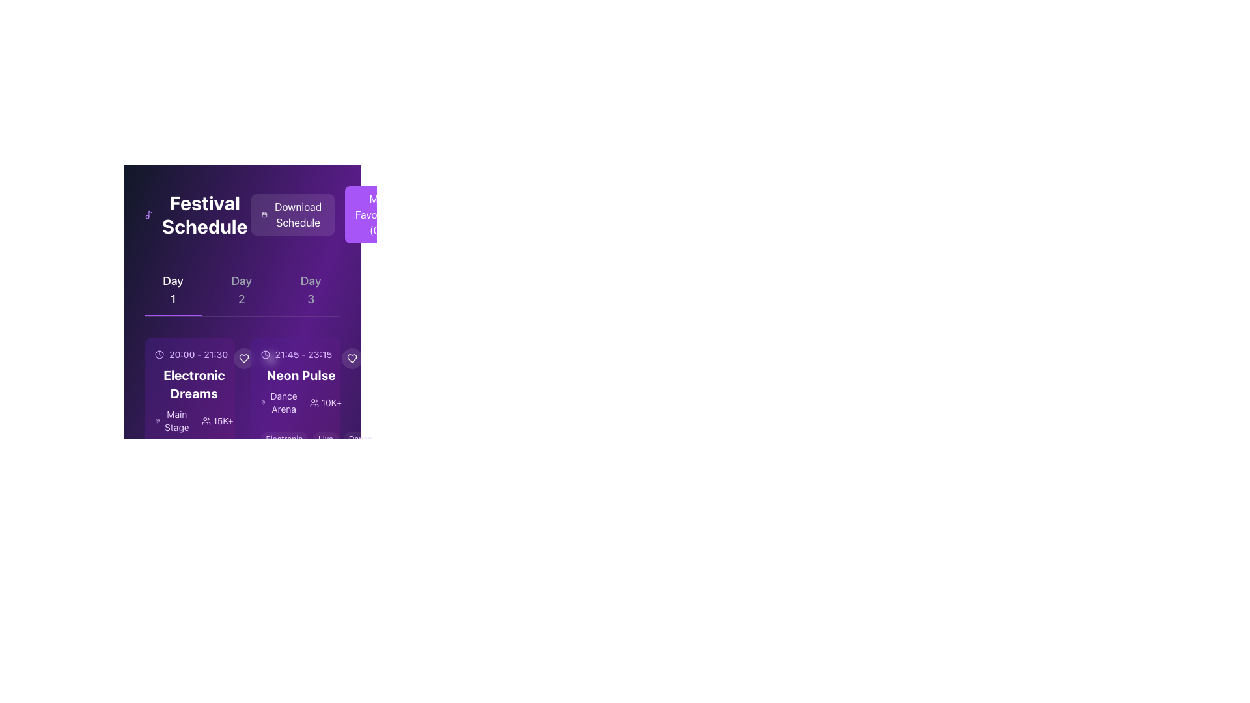 The height and width of the screenshot is (703, 1250). I want to click on the user group icon located to the left of the '15K+' text under the 'Electronic Dreams' title in the schedule card, so click(205, 421).